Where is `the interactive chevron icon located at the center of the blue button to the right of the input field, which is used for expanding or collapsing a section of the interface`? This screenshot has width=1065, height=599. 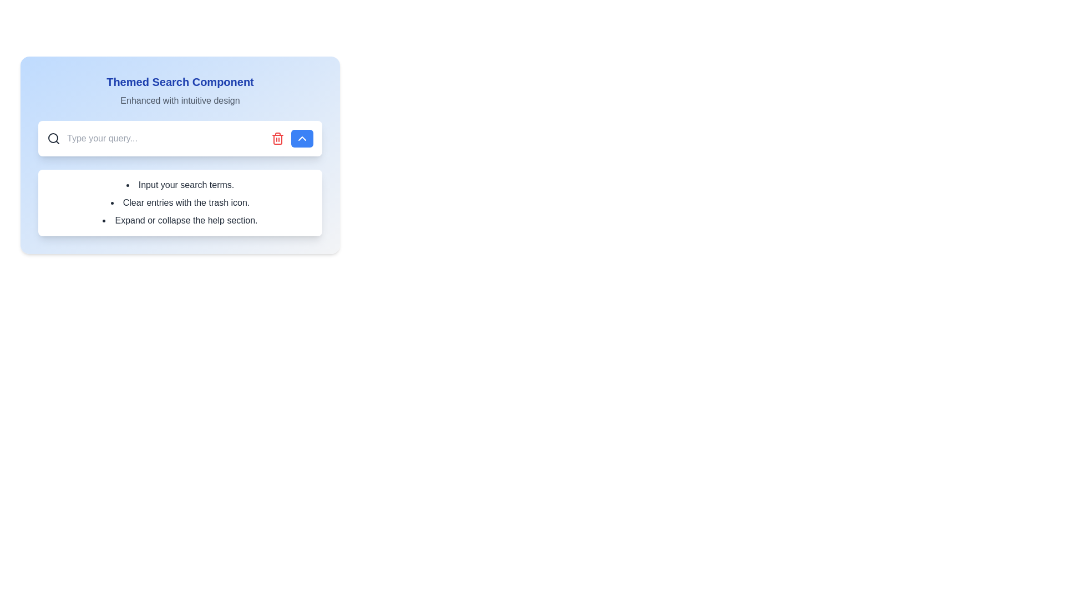 the interactive chevron icon located at the center of the blue button to the right of the input field, which is used for expanding or collapsing a section of the interface is located at coordinates (302, 138).